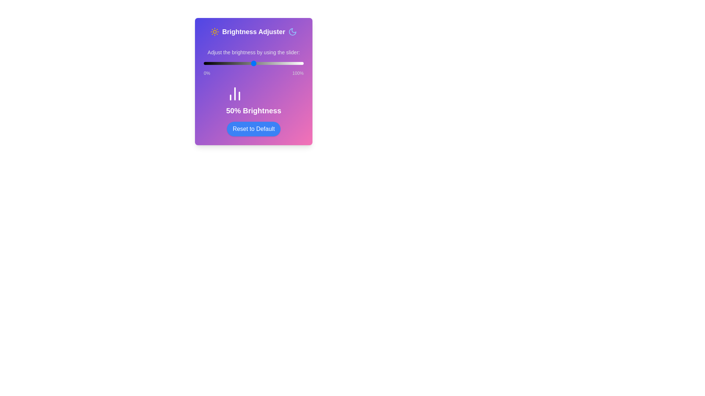 This screenshot has height=396, width=705. I want to click on the brightness to 21% by moving the slider, so click(224, 63).